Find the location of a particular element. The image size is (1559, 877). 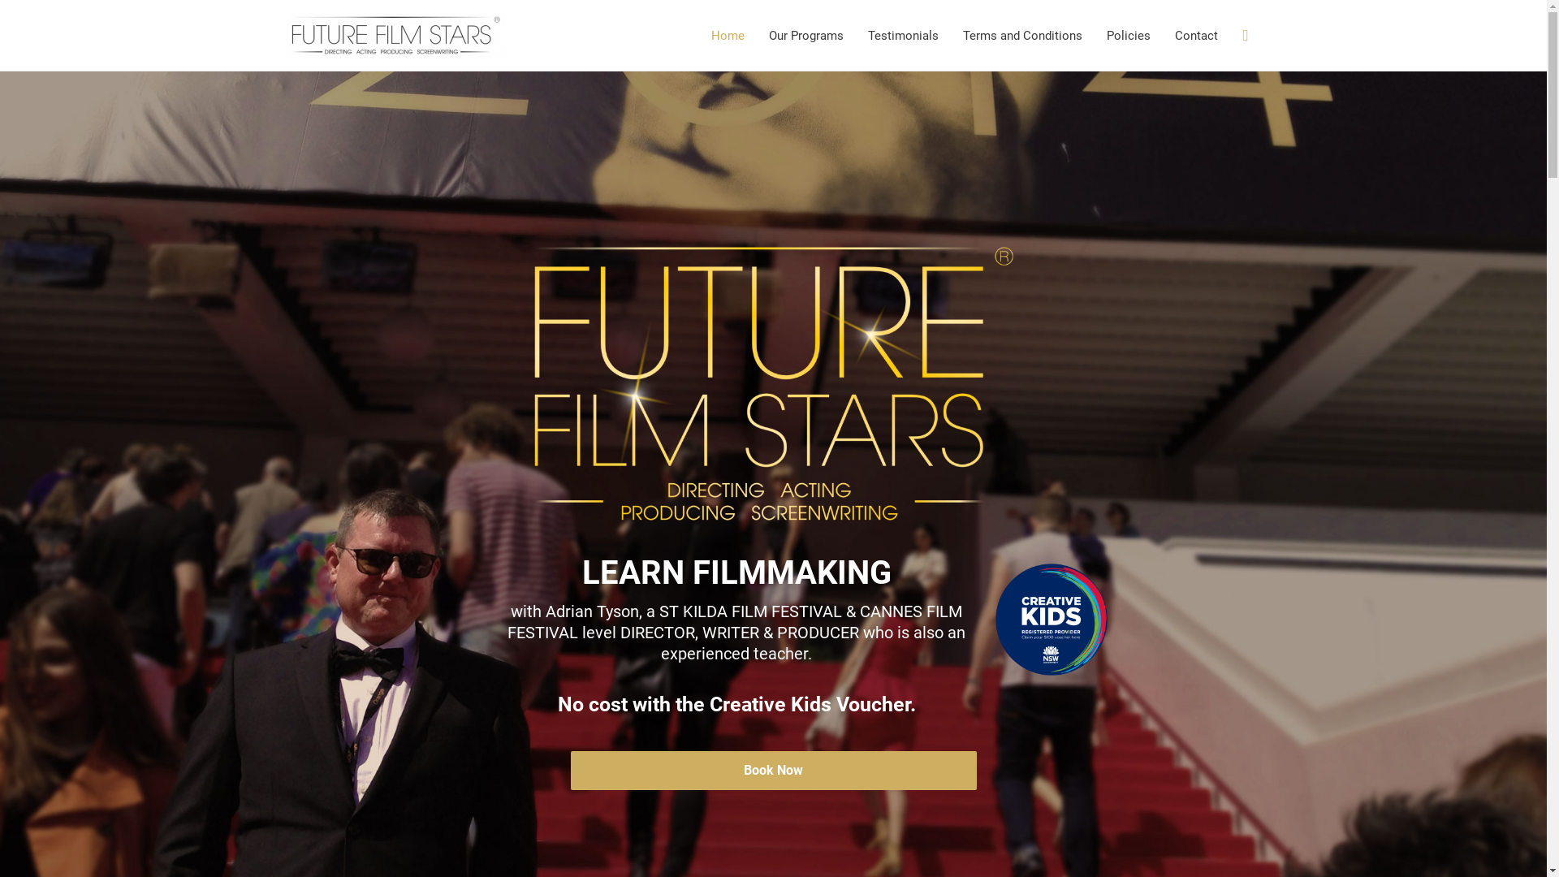

'Book Now' is located at coordinates (771, 769).